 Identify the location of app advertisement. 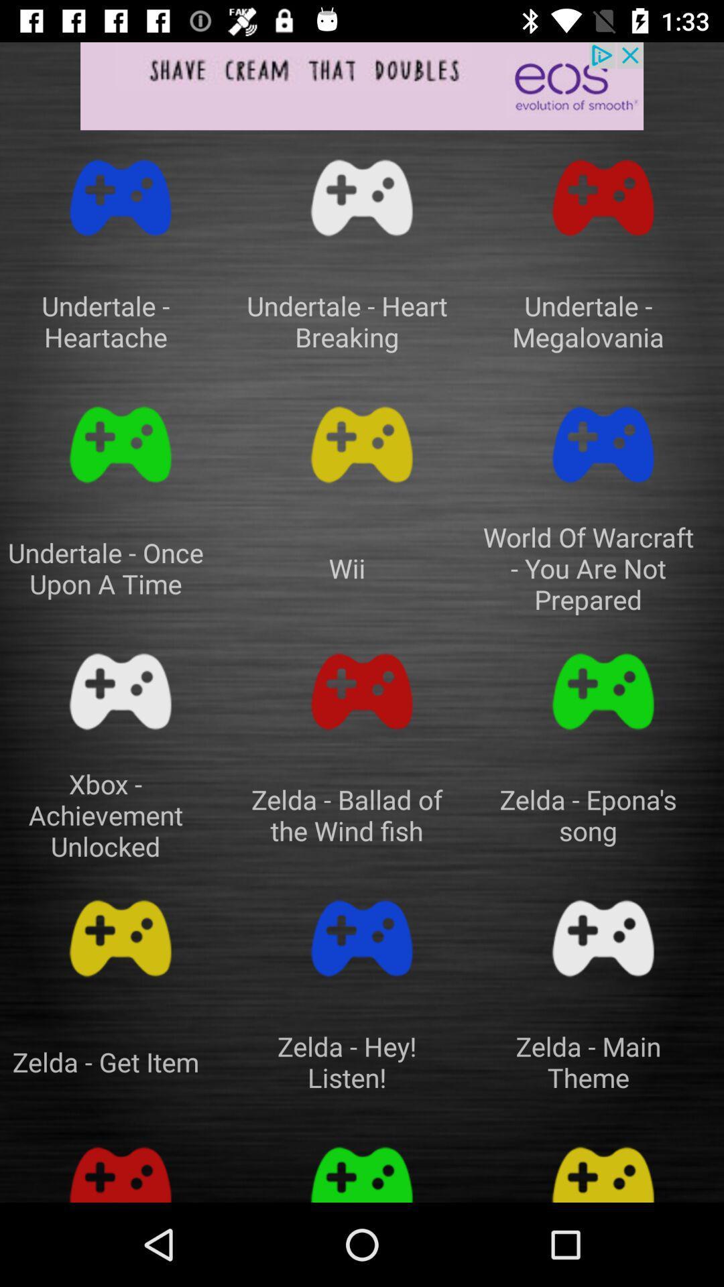
(362, 85).